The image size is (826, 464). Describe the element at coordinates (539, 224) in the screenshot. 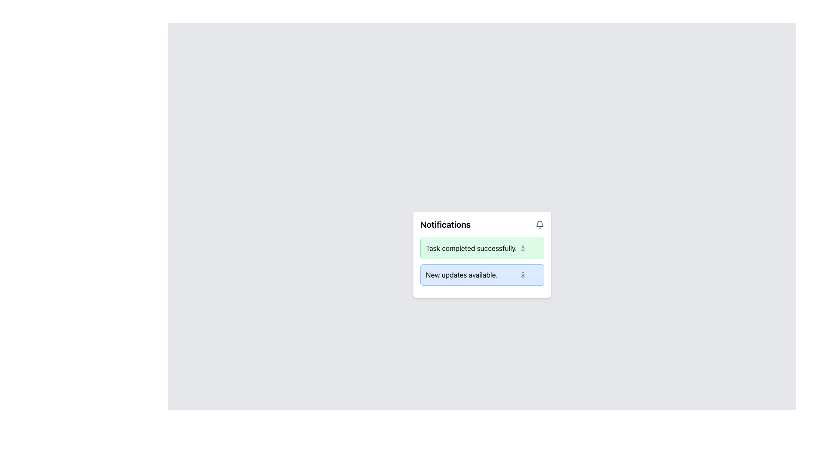

I see `the notification icon located at the top right corner of the notifications module, adjacent to the title 'Notifications'` at that location.